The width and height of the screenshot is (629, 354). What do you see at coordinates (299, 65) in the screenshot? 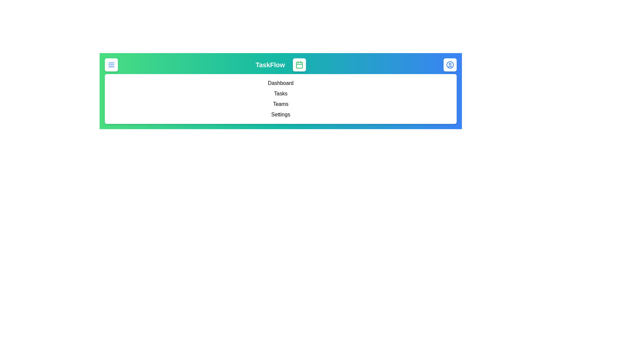
I see `the calendar button to open the date-related actions` at bounding box center [299, 65].